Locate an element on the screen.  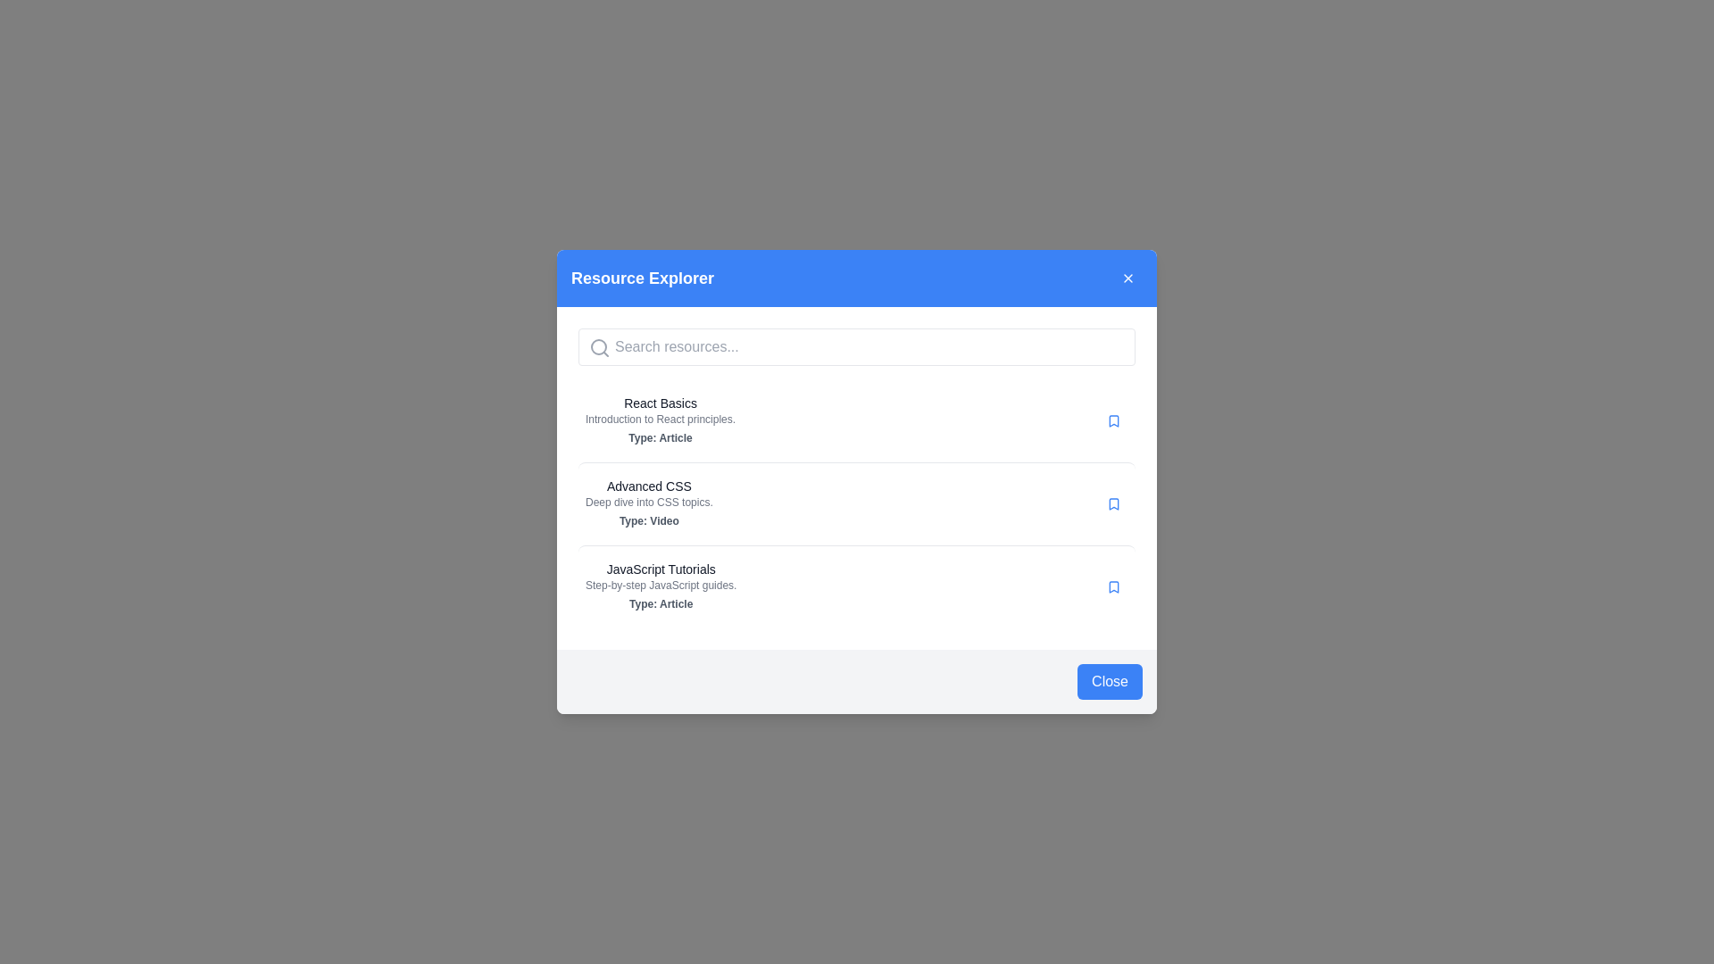
textual content of the first Text block in the vertically stacked list of resources, which includes its title, subtitle, and tag for understanding the resource details is located at coordinates (659, 420).